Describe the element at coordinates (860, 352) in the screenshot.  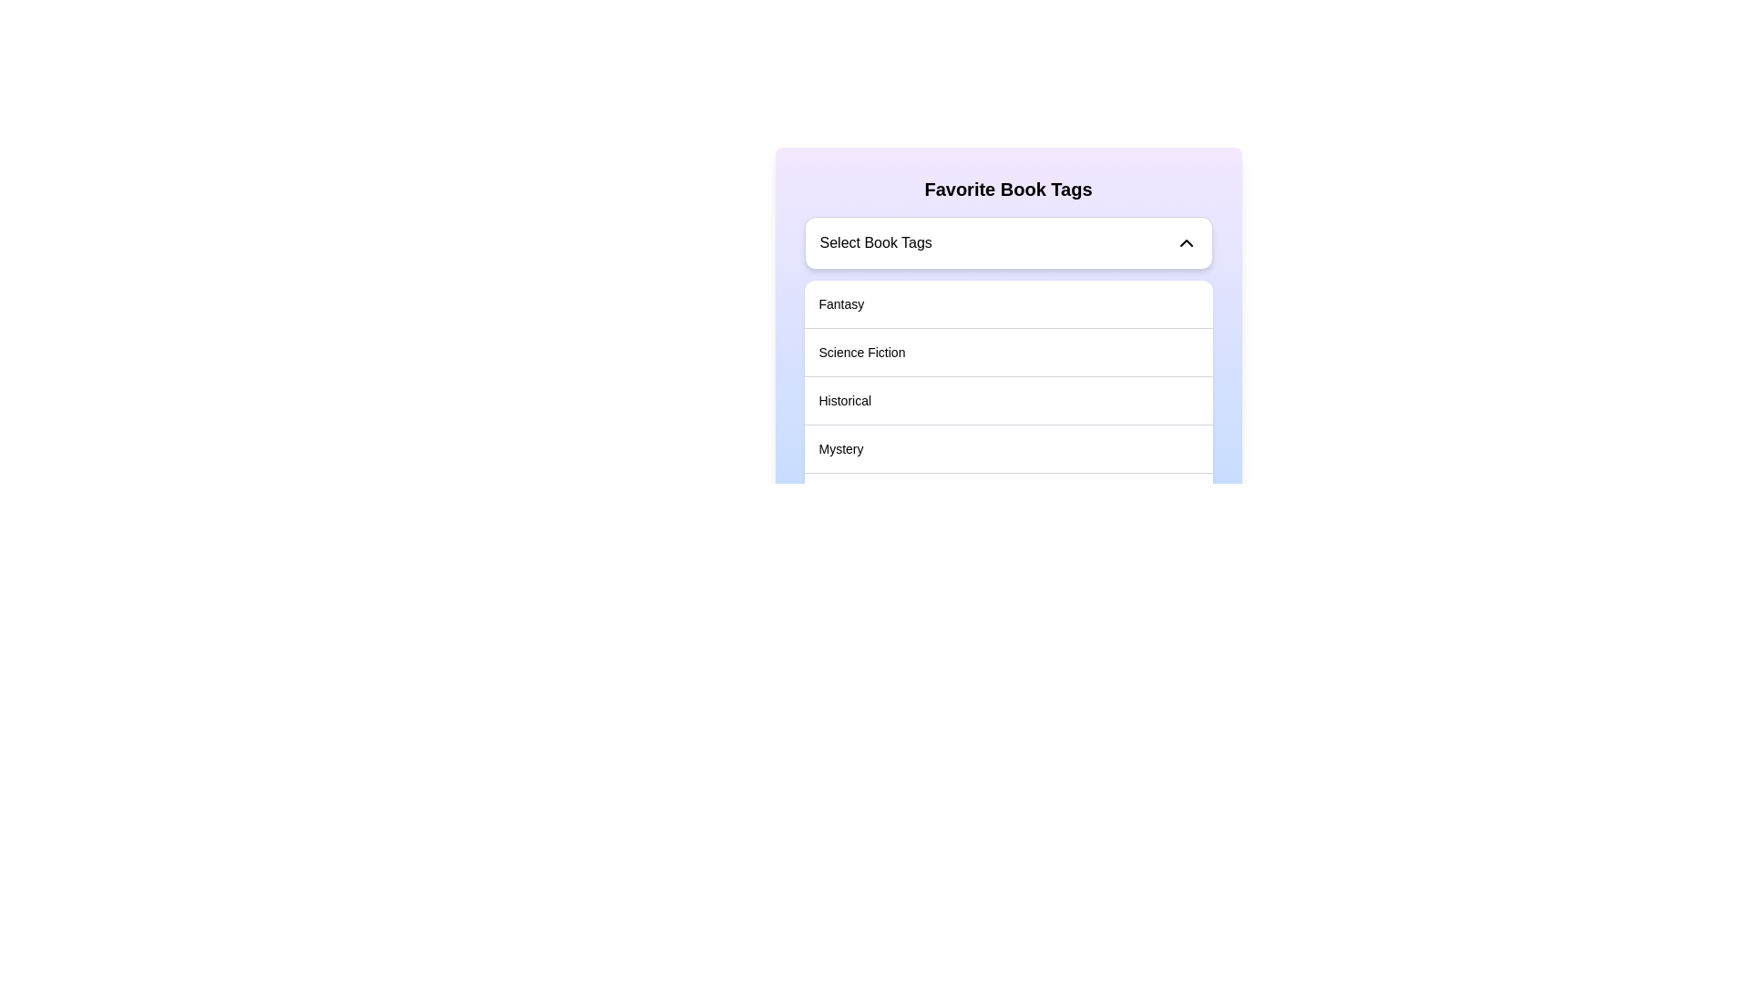
I see `the 'Science Fiction' text label` at that location.